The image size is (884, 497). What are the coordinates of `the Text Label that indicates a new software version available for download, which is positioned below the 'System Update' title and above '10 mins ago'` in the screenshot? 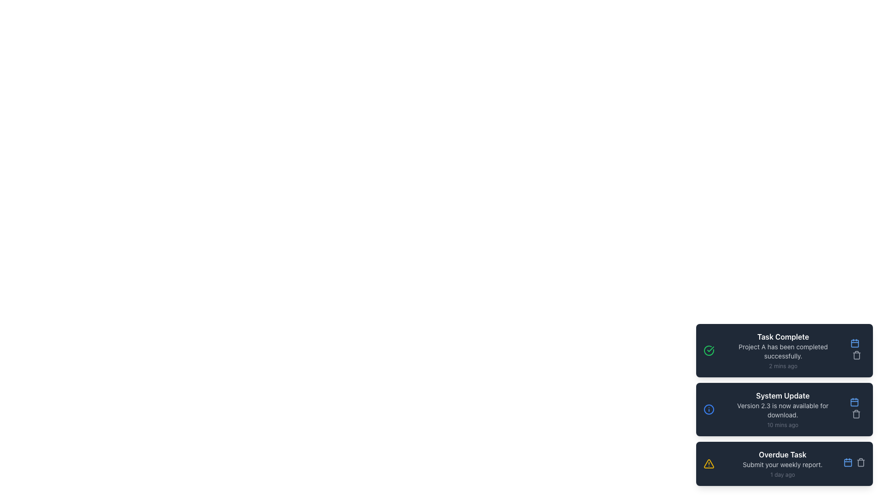 It's located at (782, 410).